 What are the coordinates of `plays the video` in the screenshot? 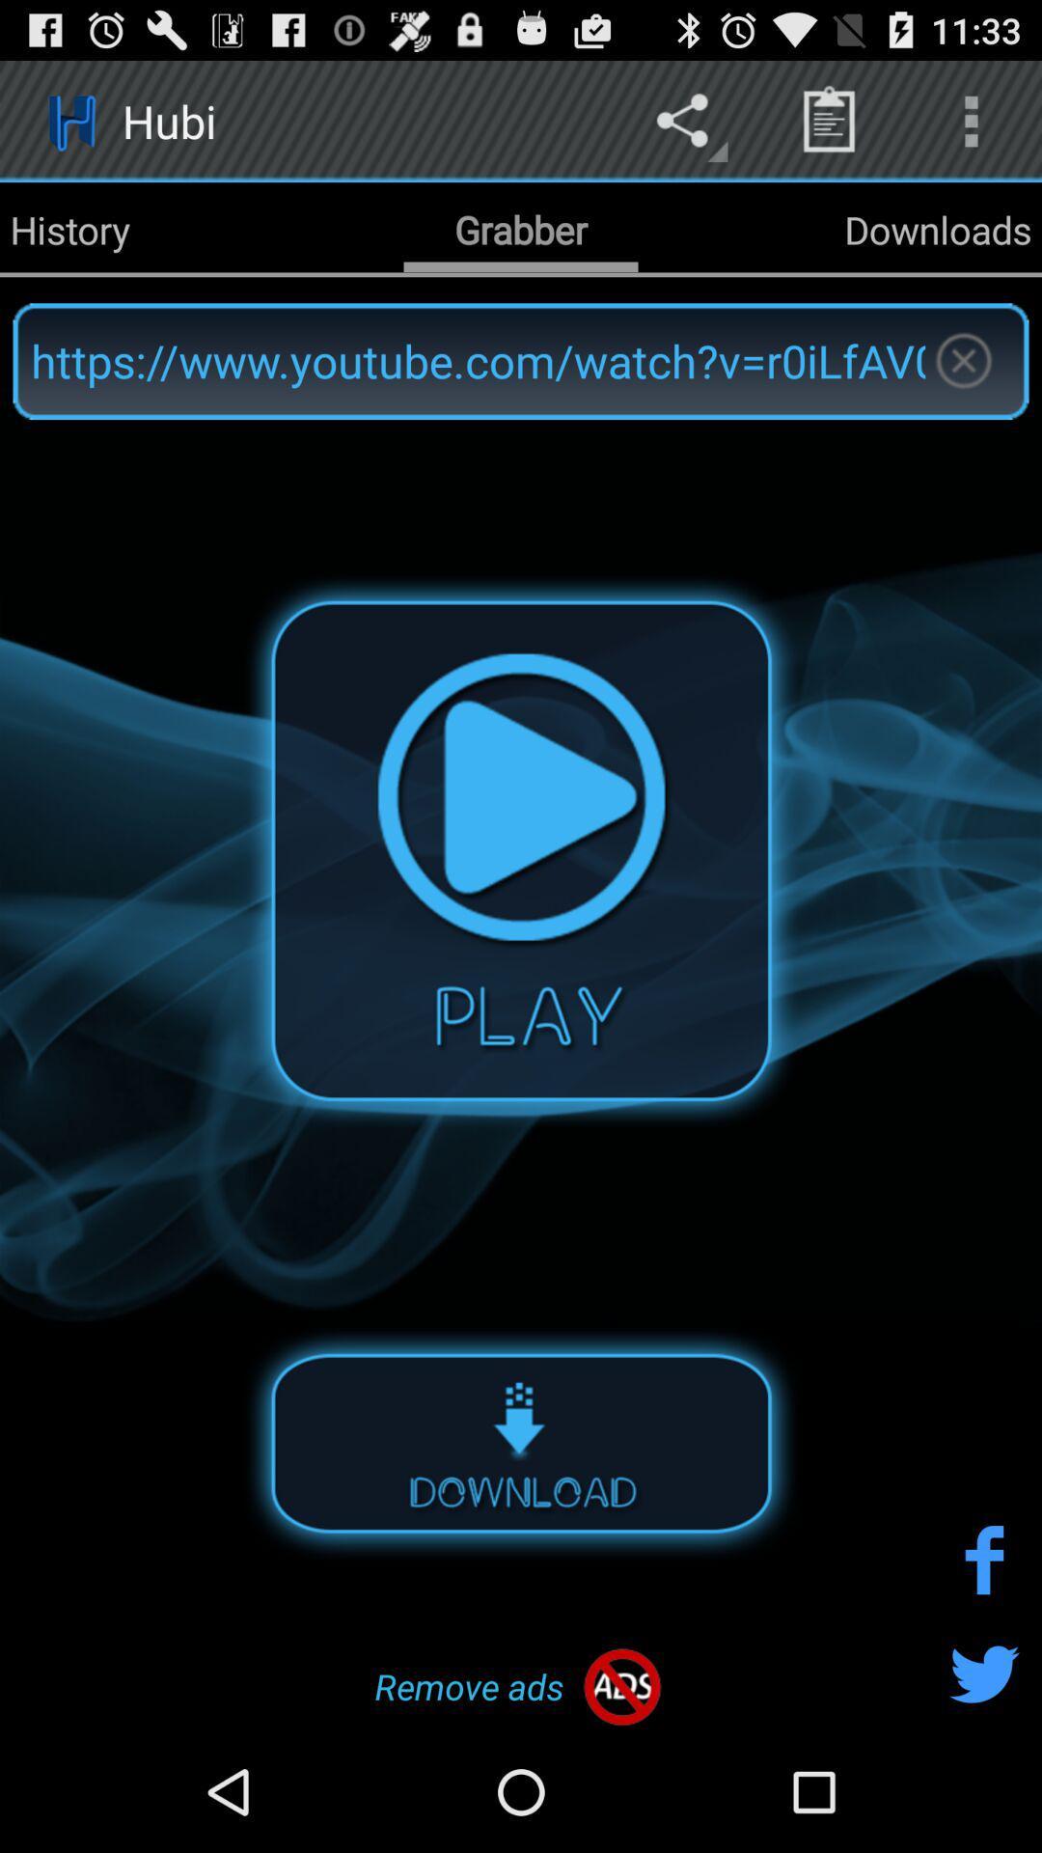 It's located at (521, 849).